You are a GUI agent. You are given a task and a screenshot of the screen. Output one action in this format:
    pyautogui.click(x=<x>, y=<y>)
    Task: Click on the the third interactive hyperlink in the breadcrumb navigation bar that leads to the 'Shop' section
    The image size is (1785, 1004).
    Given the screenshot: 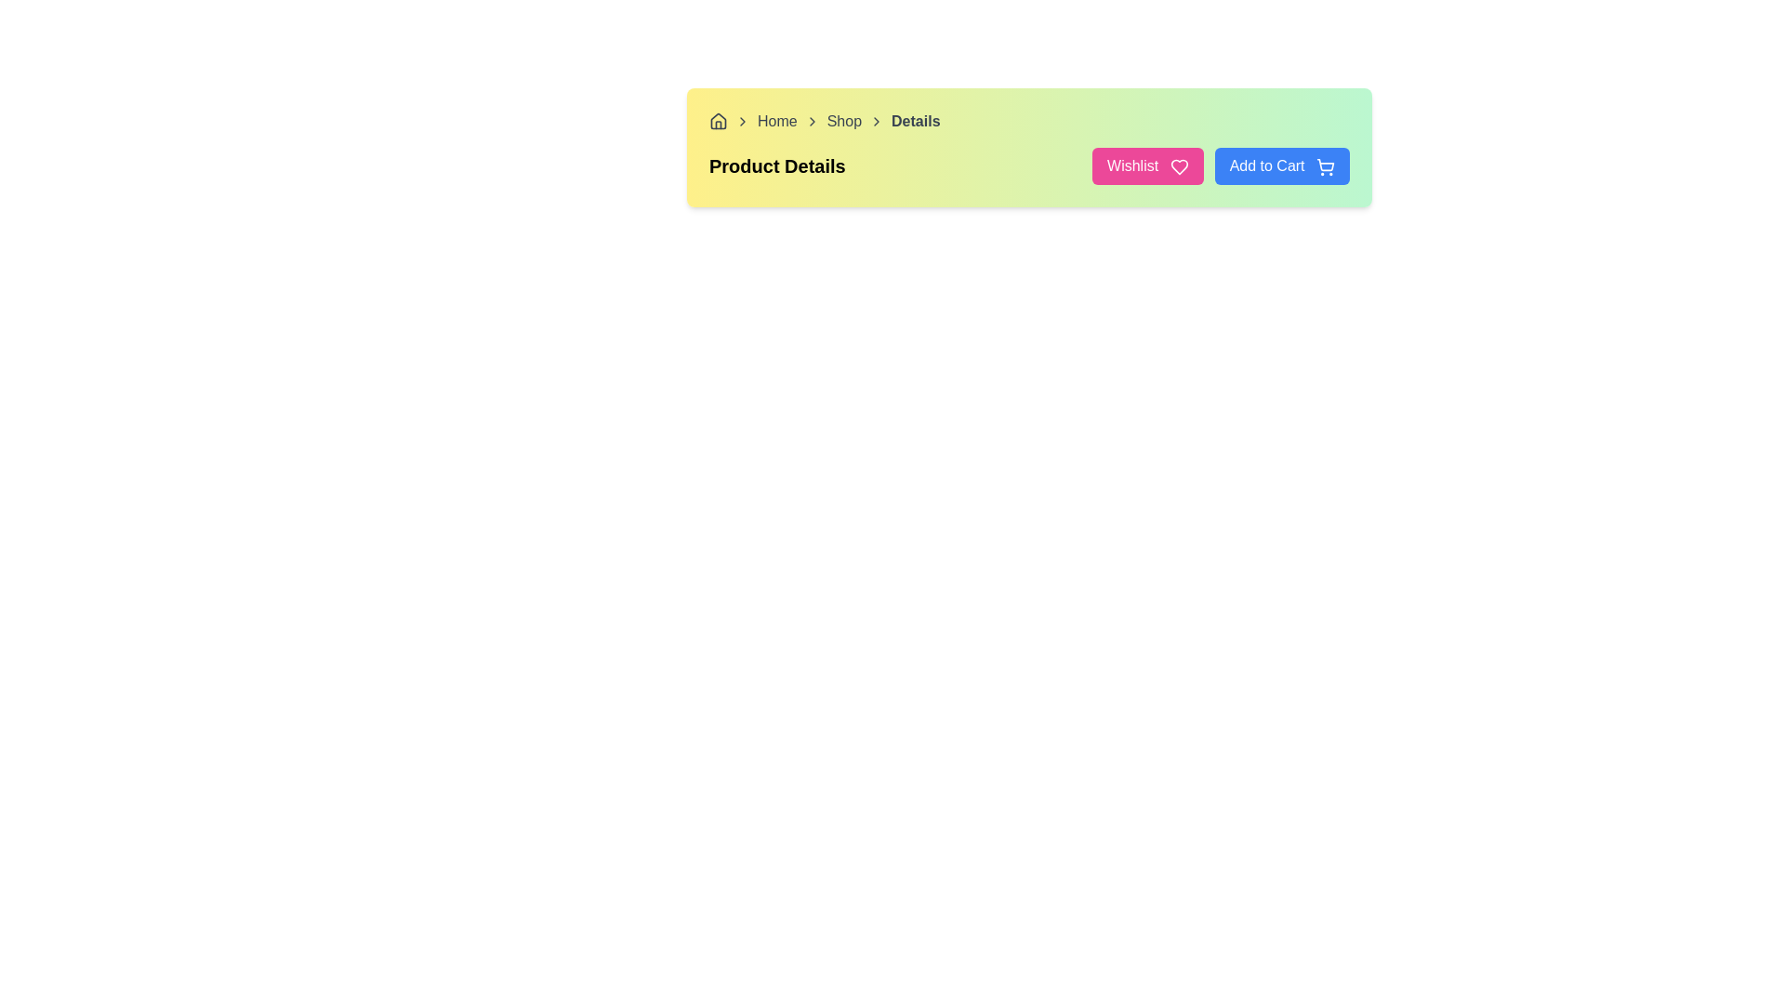 What is the action you would take?
    pyautogui.click(x=843, y=122)
    